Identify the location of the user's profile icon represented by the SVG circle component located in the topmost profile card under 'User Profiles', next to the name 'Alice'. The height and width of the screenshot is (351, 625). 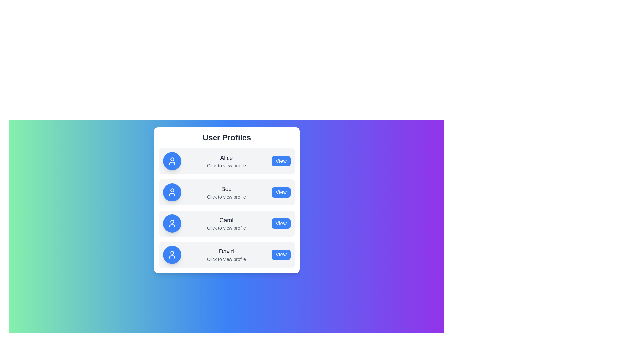
(172, 159).